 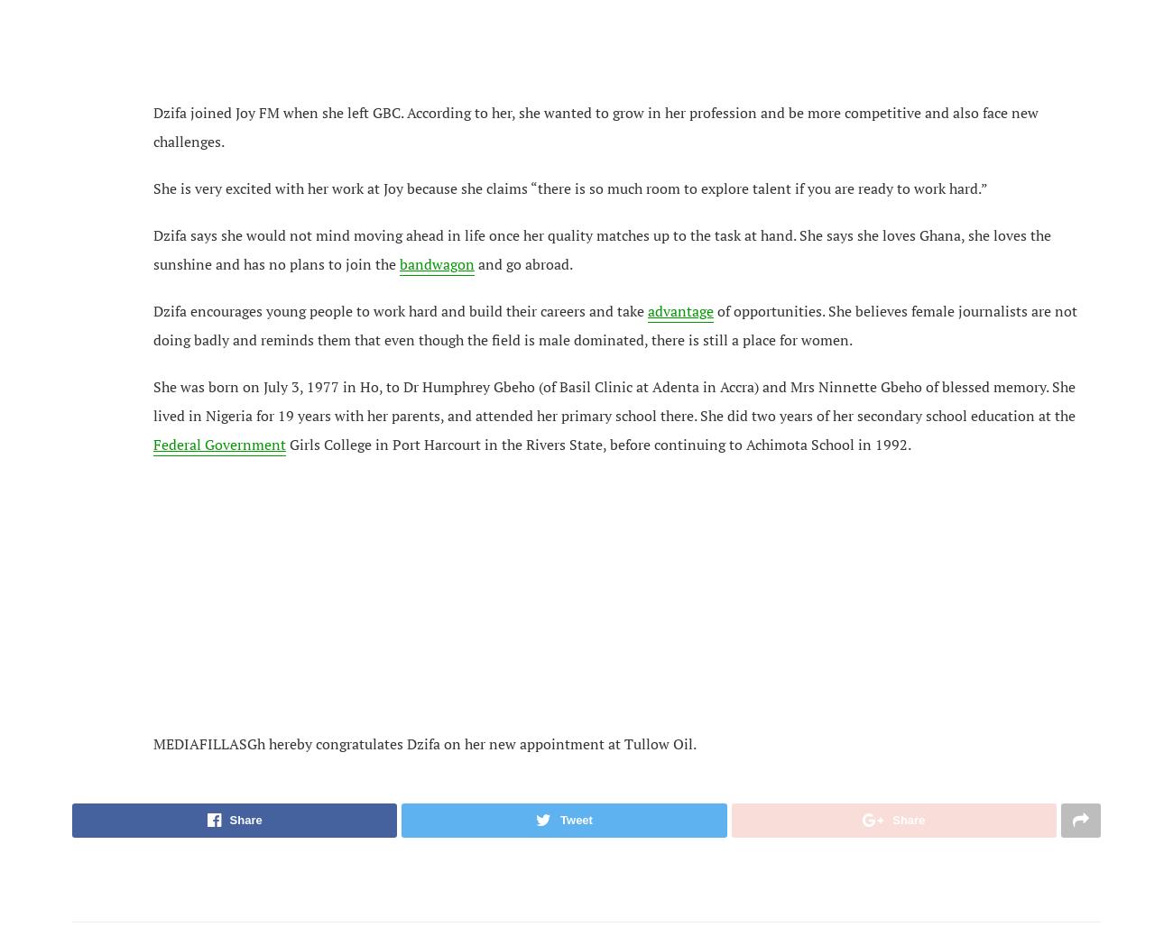 I want to click on 'and go abroad.', so click(x=474, y=262).